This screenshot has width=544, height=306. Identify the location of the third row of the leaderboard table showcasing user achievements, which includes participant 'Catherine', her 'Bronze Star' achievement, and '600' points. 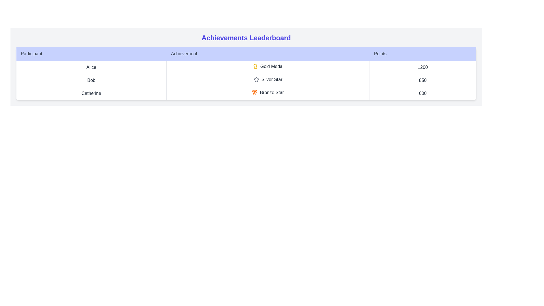
(246, 93).